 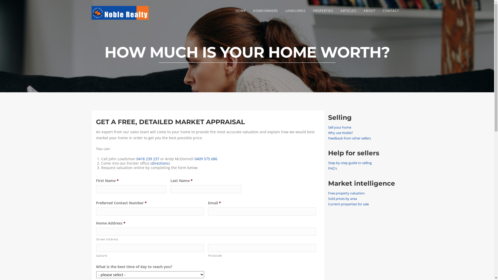 What do you see at coordinates (327, 198) in the screenshot?
I see `'Sold prices by area'` at bounding box center [327, 198].